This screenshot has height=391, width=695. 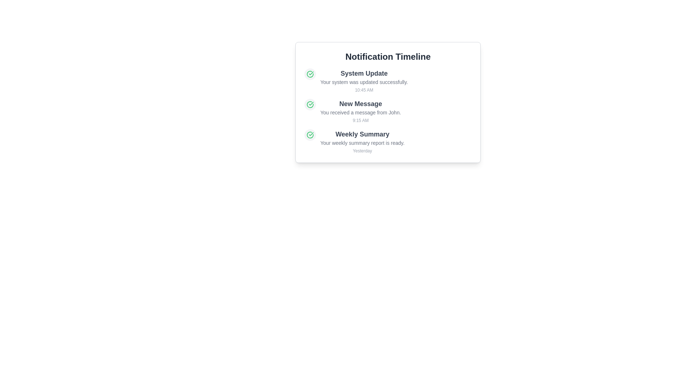 I want to click on the static text element that serves as a timestamp for the 'Weekly Summary' notification, positioned below the title and description text, so click(x=362, y=150).